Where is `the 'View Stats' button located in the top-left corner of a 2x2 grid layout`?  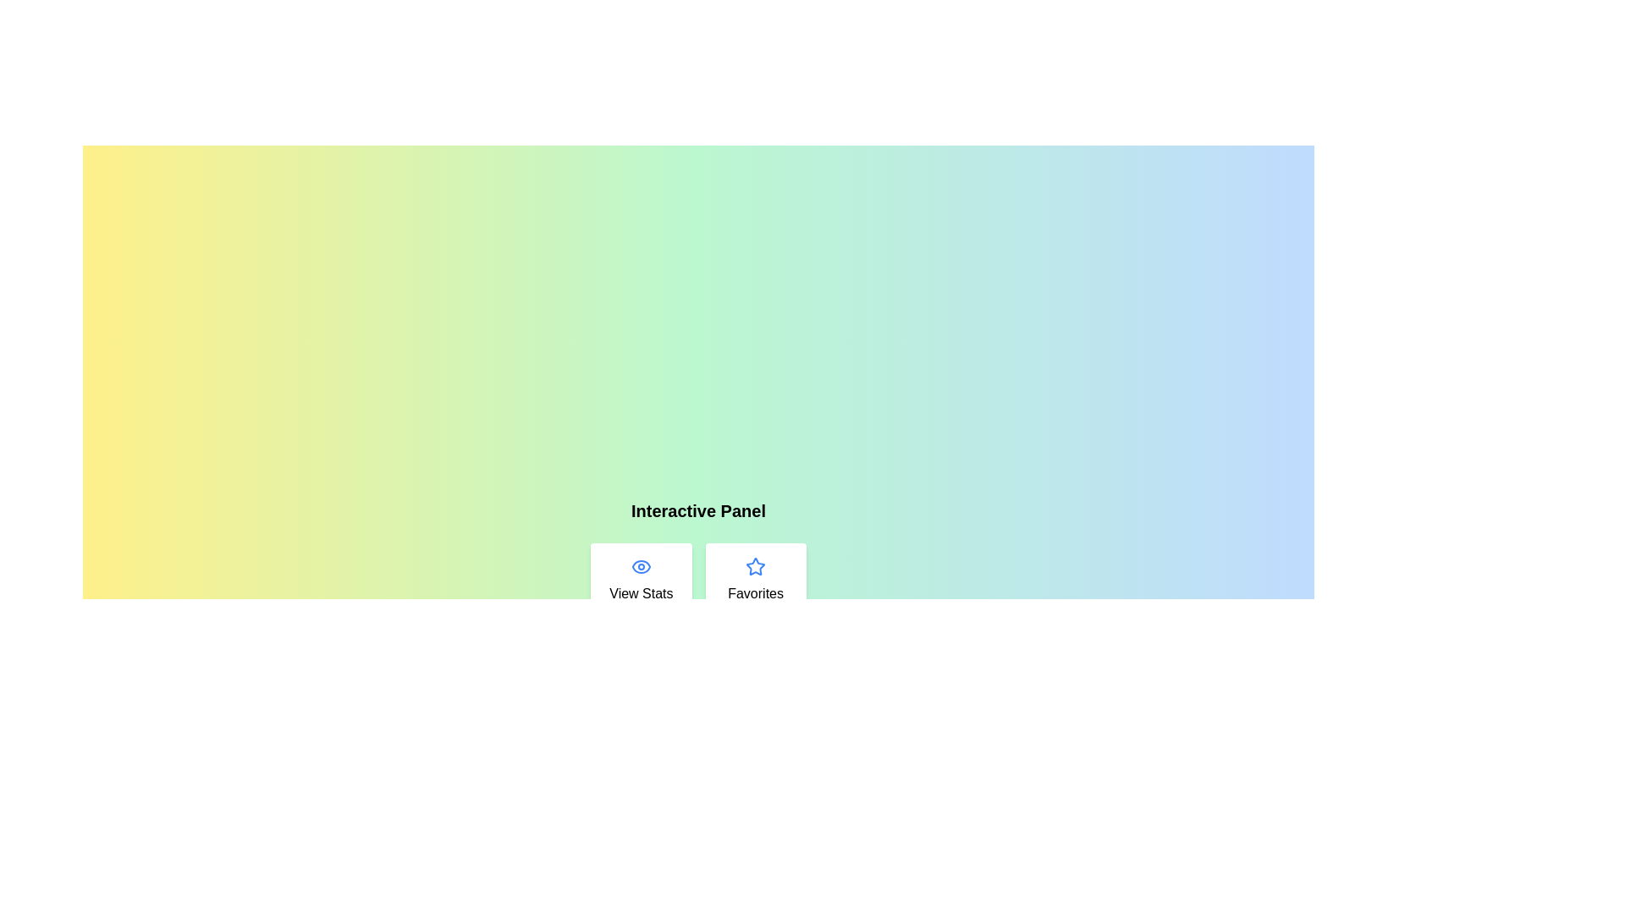
the 'View Stats' button located in the top-left corner of a 2x2 grid layout is located at coordinates (640, 580).